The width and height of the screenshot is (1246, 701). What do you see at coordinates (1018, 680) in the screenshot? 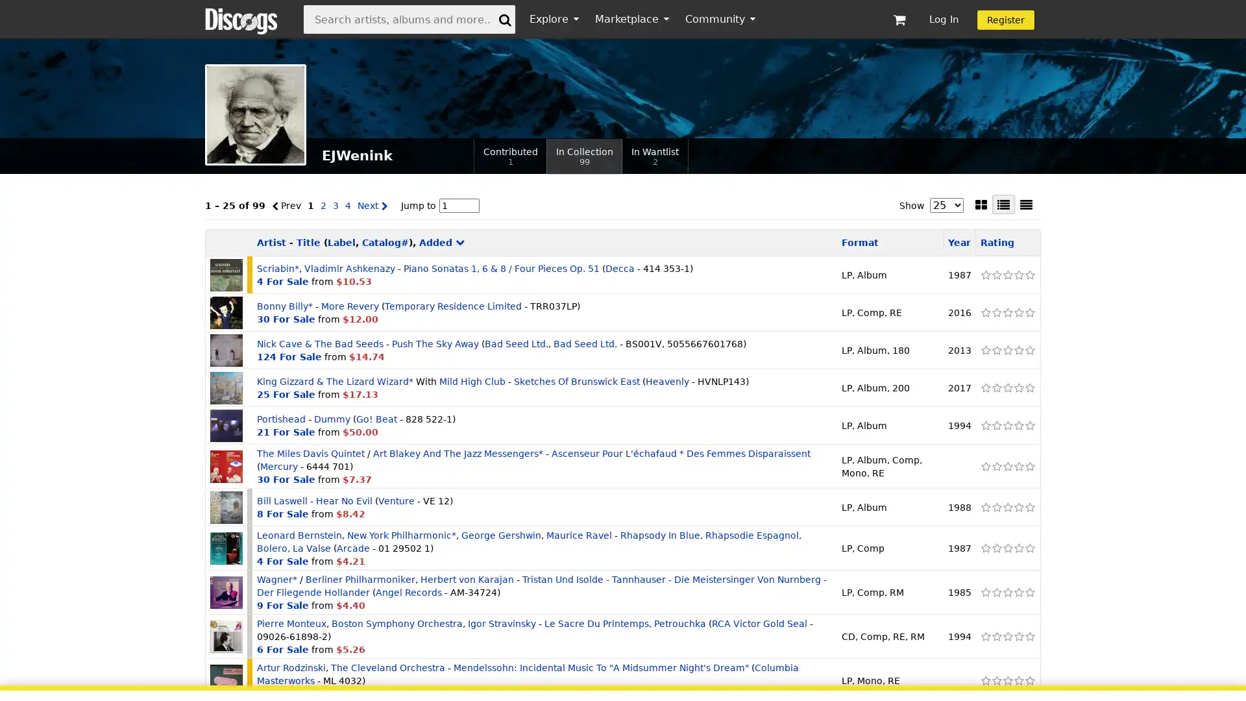
I see `Rate this release 4 stars.` at bounding box center [1018, 680].